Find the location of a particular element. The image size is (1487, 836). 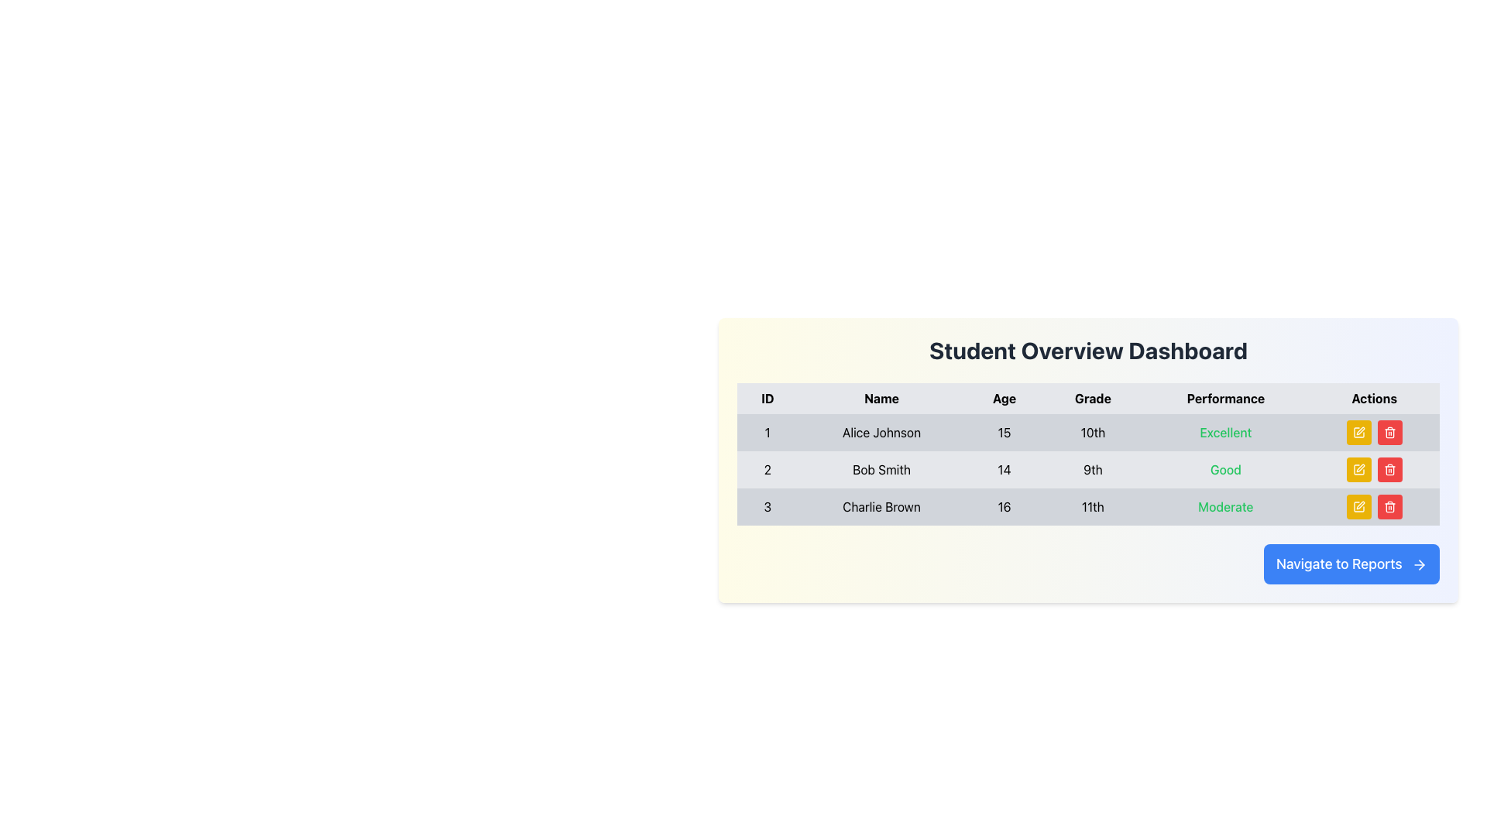

the yellow outline rectangle icon with a pencil in the center located in the 'Actions' column of the third row in the Student Overview Dashboard to initiate edit functionality is located at coordinates (1359, 468).